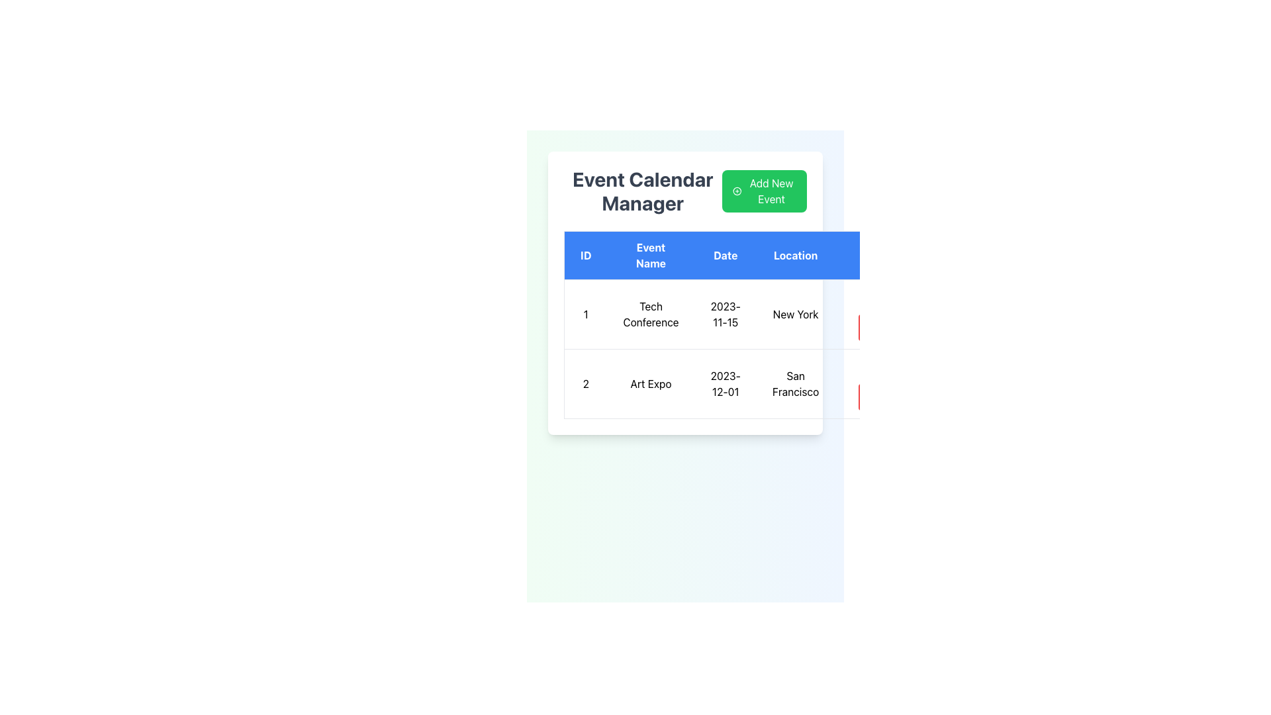  What do you see at coordinates (585, 255) in the screenshot?
I see `the first column label in the table header that contains unique identifiers for each entry, located to the left of the 'Event Name', 'Date', and 'Location' headers` at bounding box center [585, 255].